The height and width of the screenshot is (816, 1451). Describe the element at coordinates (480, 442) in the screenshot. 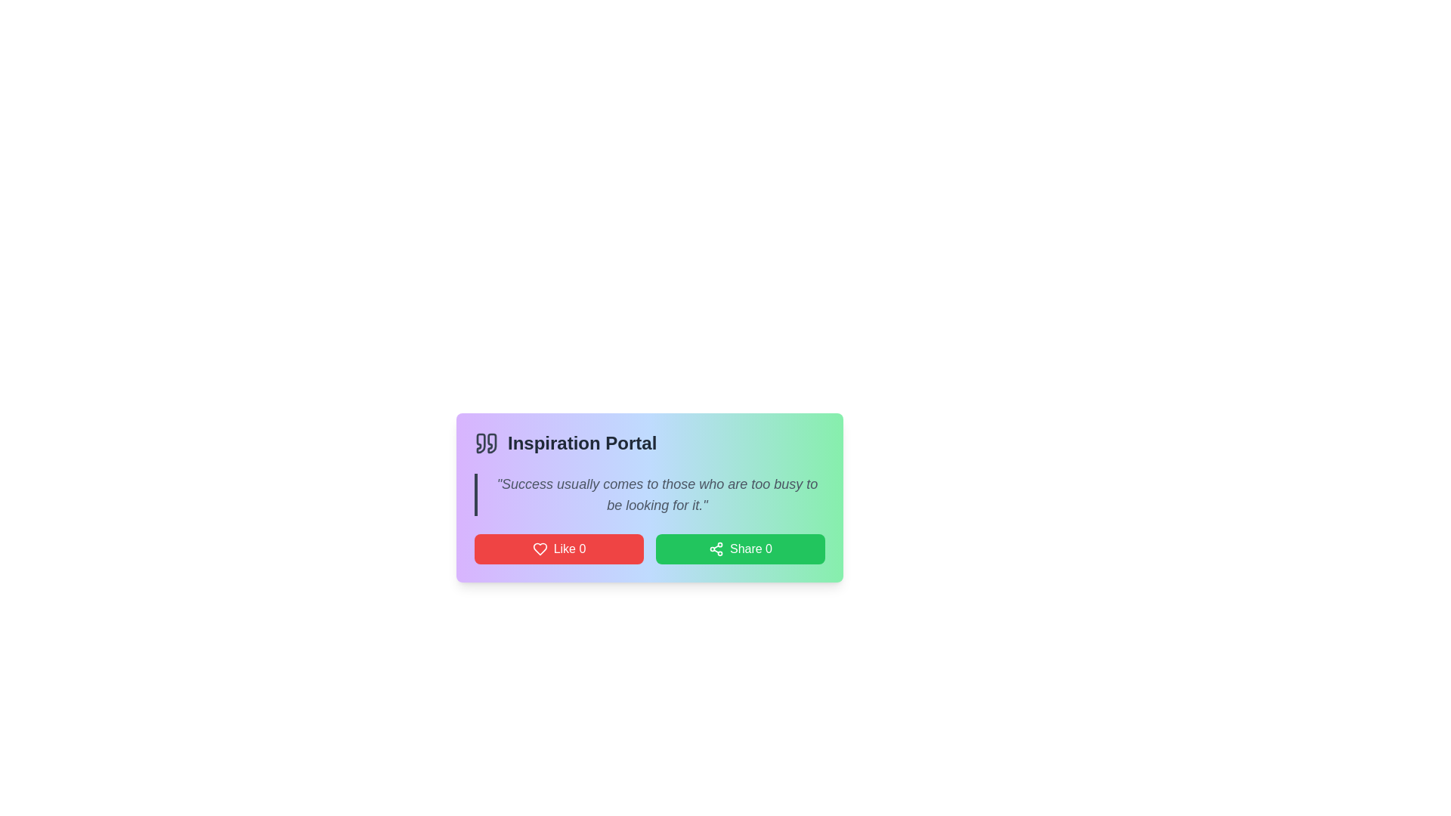

I see `the stylized left-facing quotation mark icon located at the top-left corner of the 'Inspiration Portal' card interface` at that location.